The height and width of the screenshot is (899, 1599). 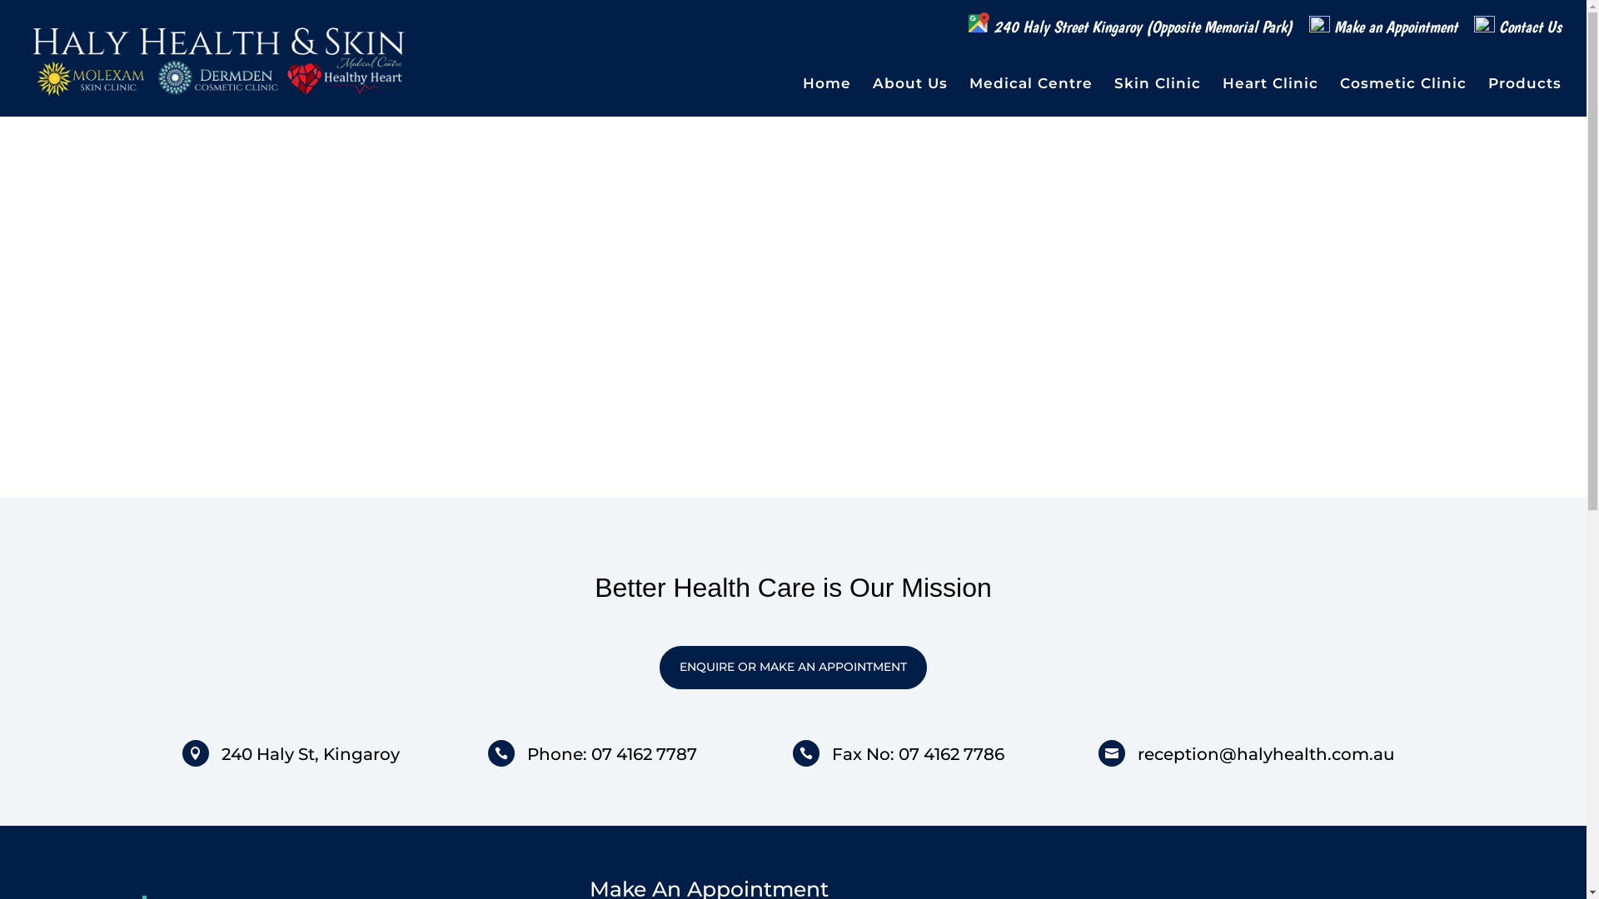 What do you see at coordinates (1524, 97) in the screenshot?
I see `'Products'` at bounding box center [1524, 97].